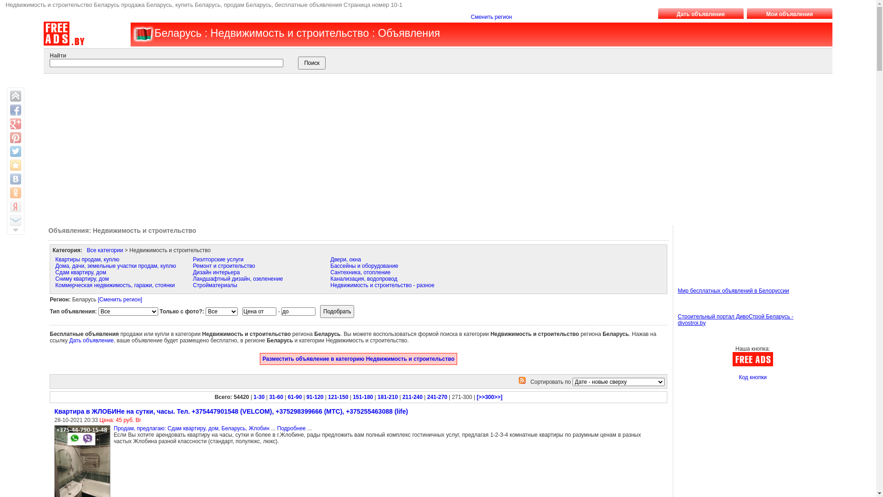 This screenshot has height=497, width=883. Describe the element at coordinates (15, 192) in the screenshot. I see `'Share to Odnoklassniki.ru'` at that location.